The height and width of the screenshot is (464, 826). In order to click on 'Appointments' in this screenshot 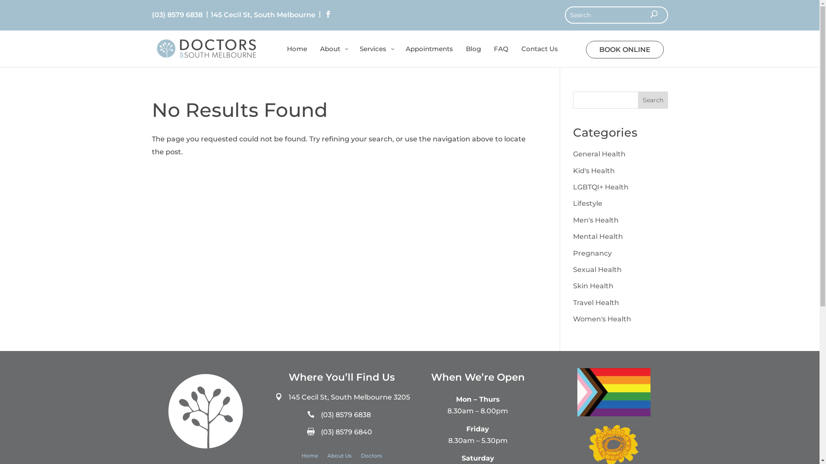, I will do `click(429, 56)`.